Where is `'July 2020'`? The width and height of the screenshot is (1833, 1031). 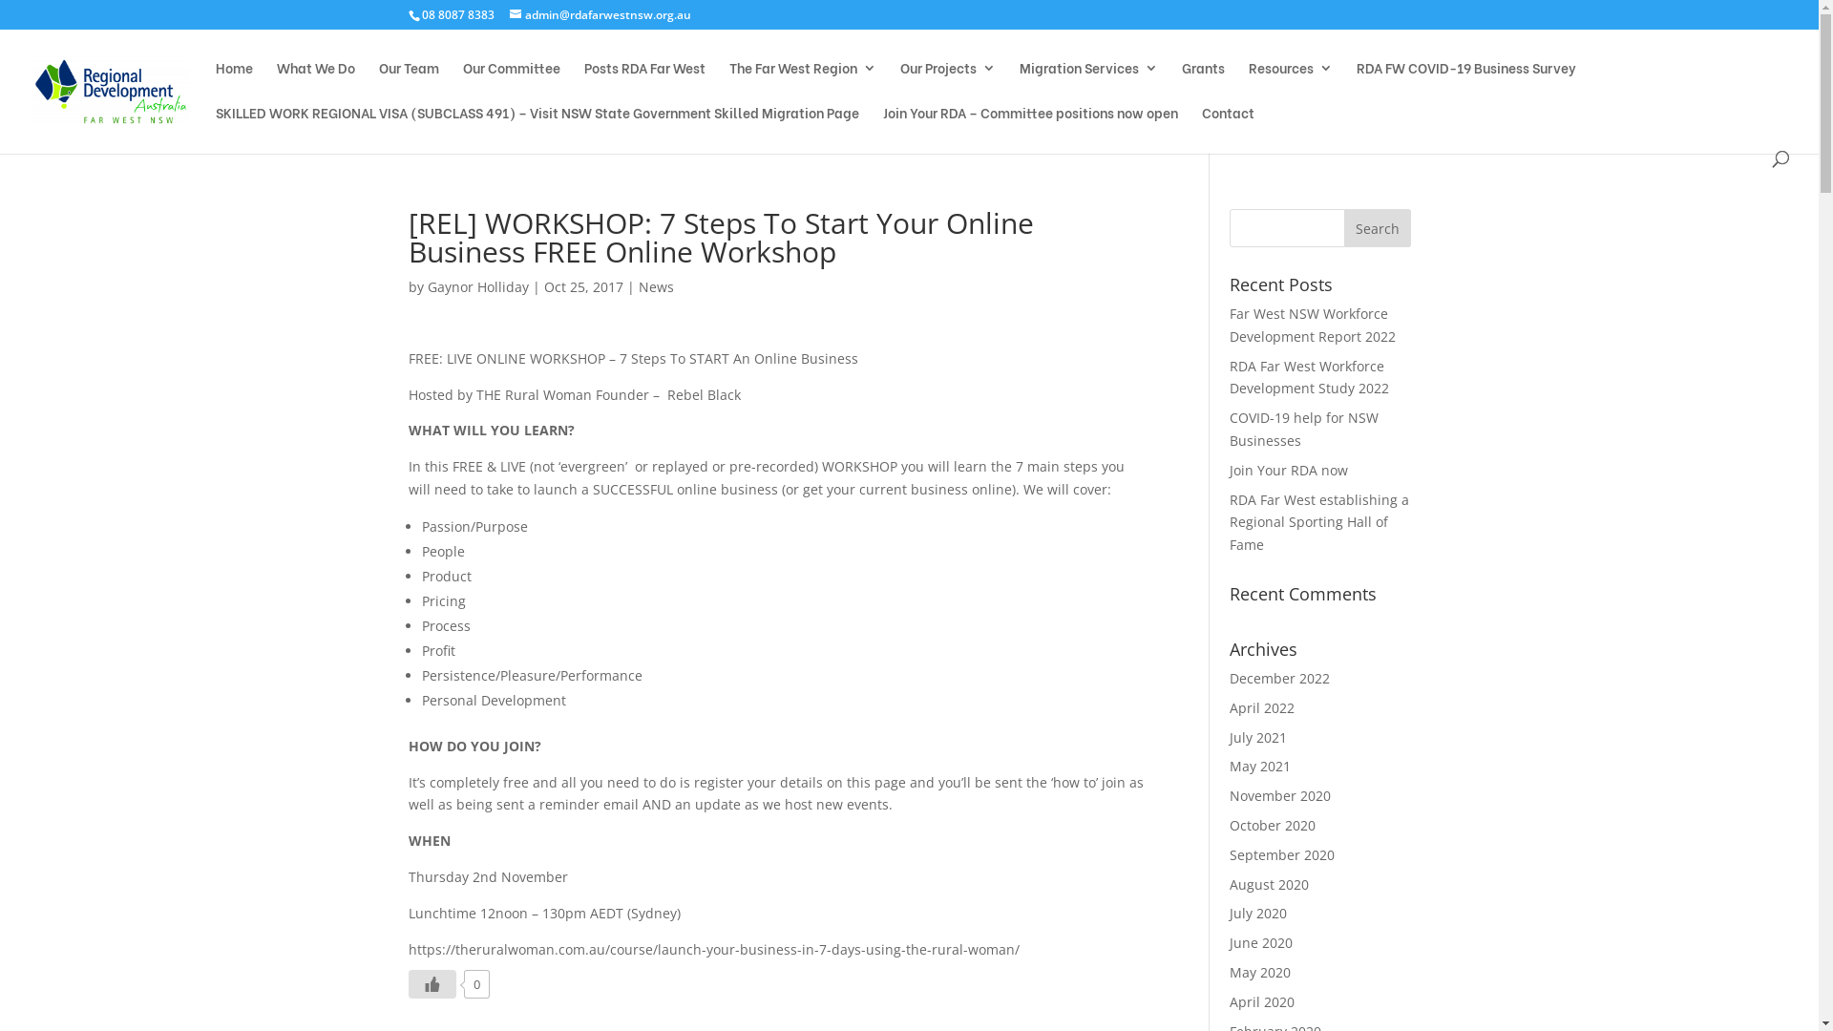 'July 2020' is located at coordinates (1258, 912).